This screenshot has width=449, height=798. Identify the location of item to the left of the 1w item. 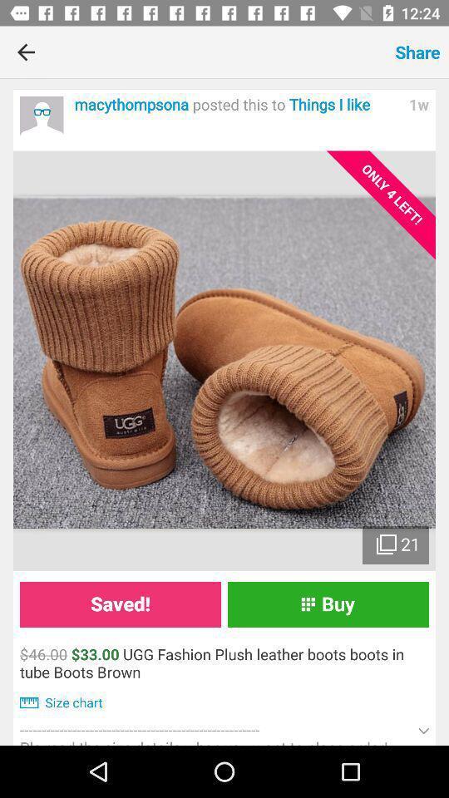
(236, 104).